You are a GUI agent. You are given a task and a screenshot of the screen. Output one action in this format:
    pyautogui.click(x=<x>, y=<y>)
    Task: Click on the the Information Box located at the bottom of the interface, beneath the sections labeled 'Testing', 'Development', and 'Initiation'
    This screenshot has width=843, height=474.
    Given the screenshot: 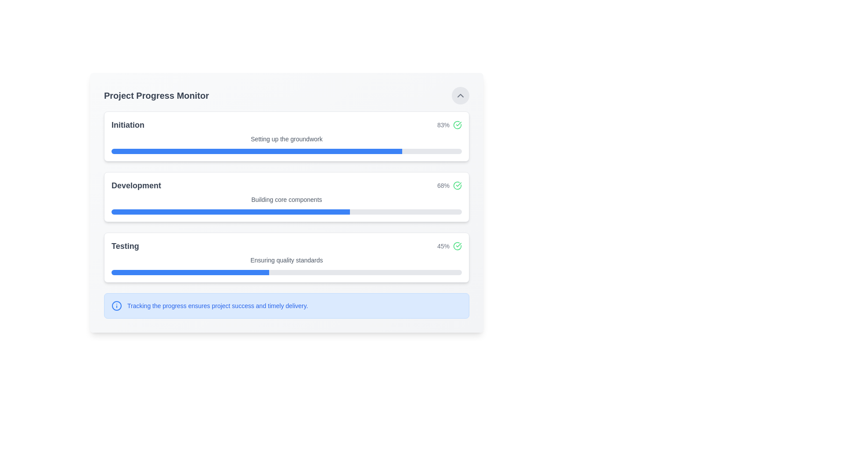 What is the action you would take?
    pyautogui.click(x=286, y=305)
    